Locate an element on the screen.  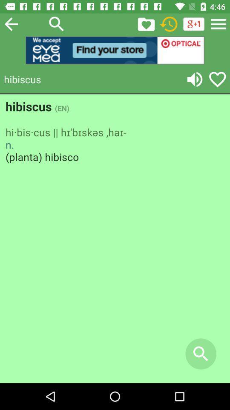
volume switch is located at coordinates (195, 79).